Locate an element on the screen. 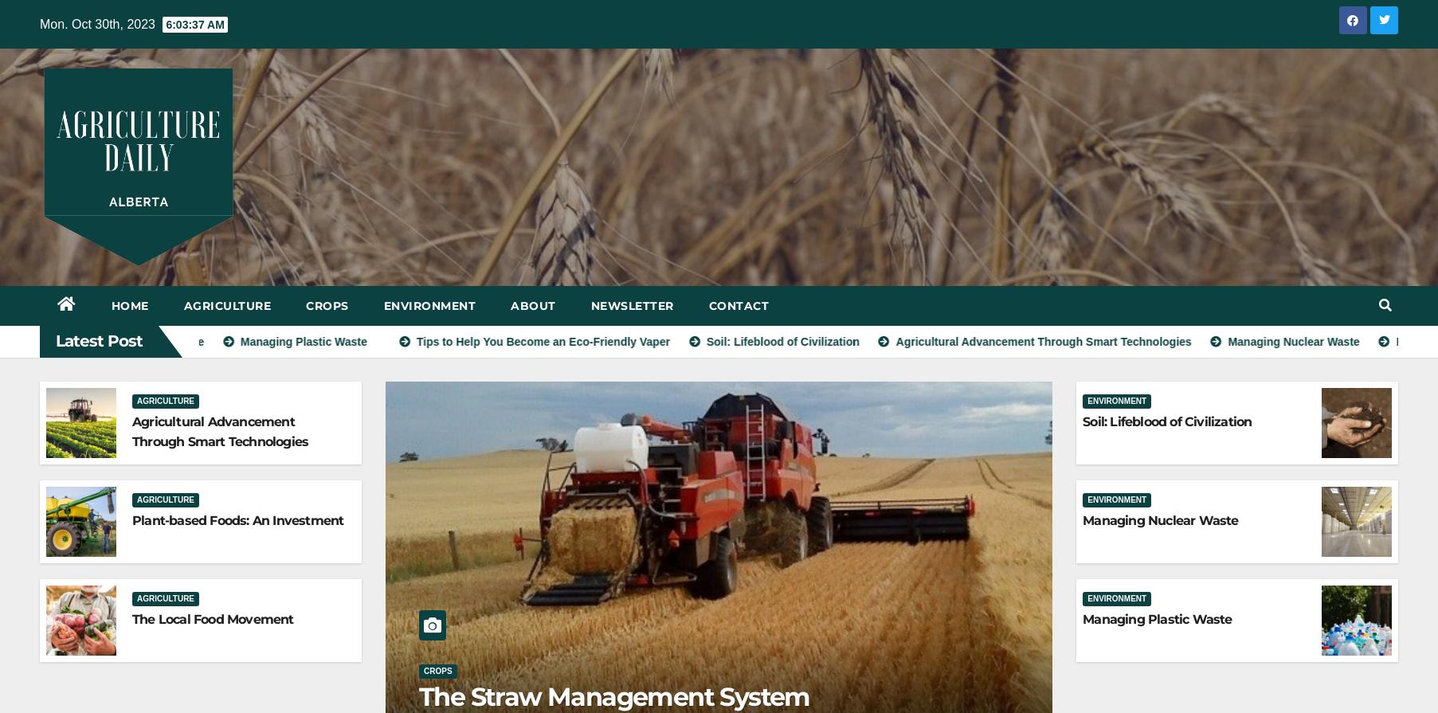  'Latest Post' is located at coordinates (56, 340).